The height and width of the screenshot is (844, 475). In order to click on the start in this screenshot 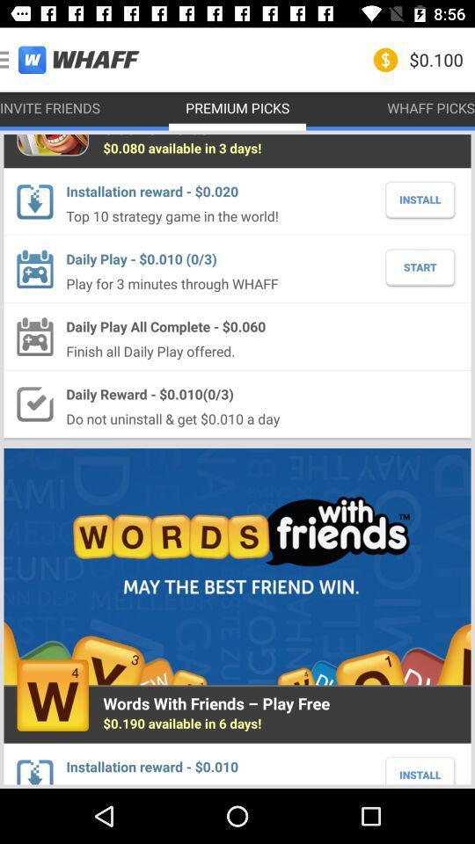, I will do `click(419, 267)`.